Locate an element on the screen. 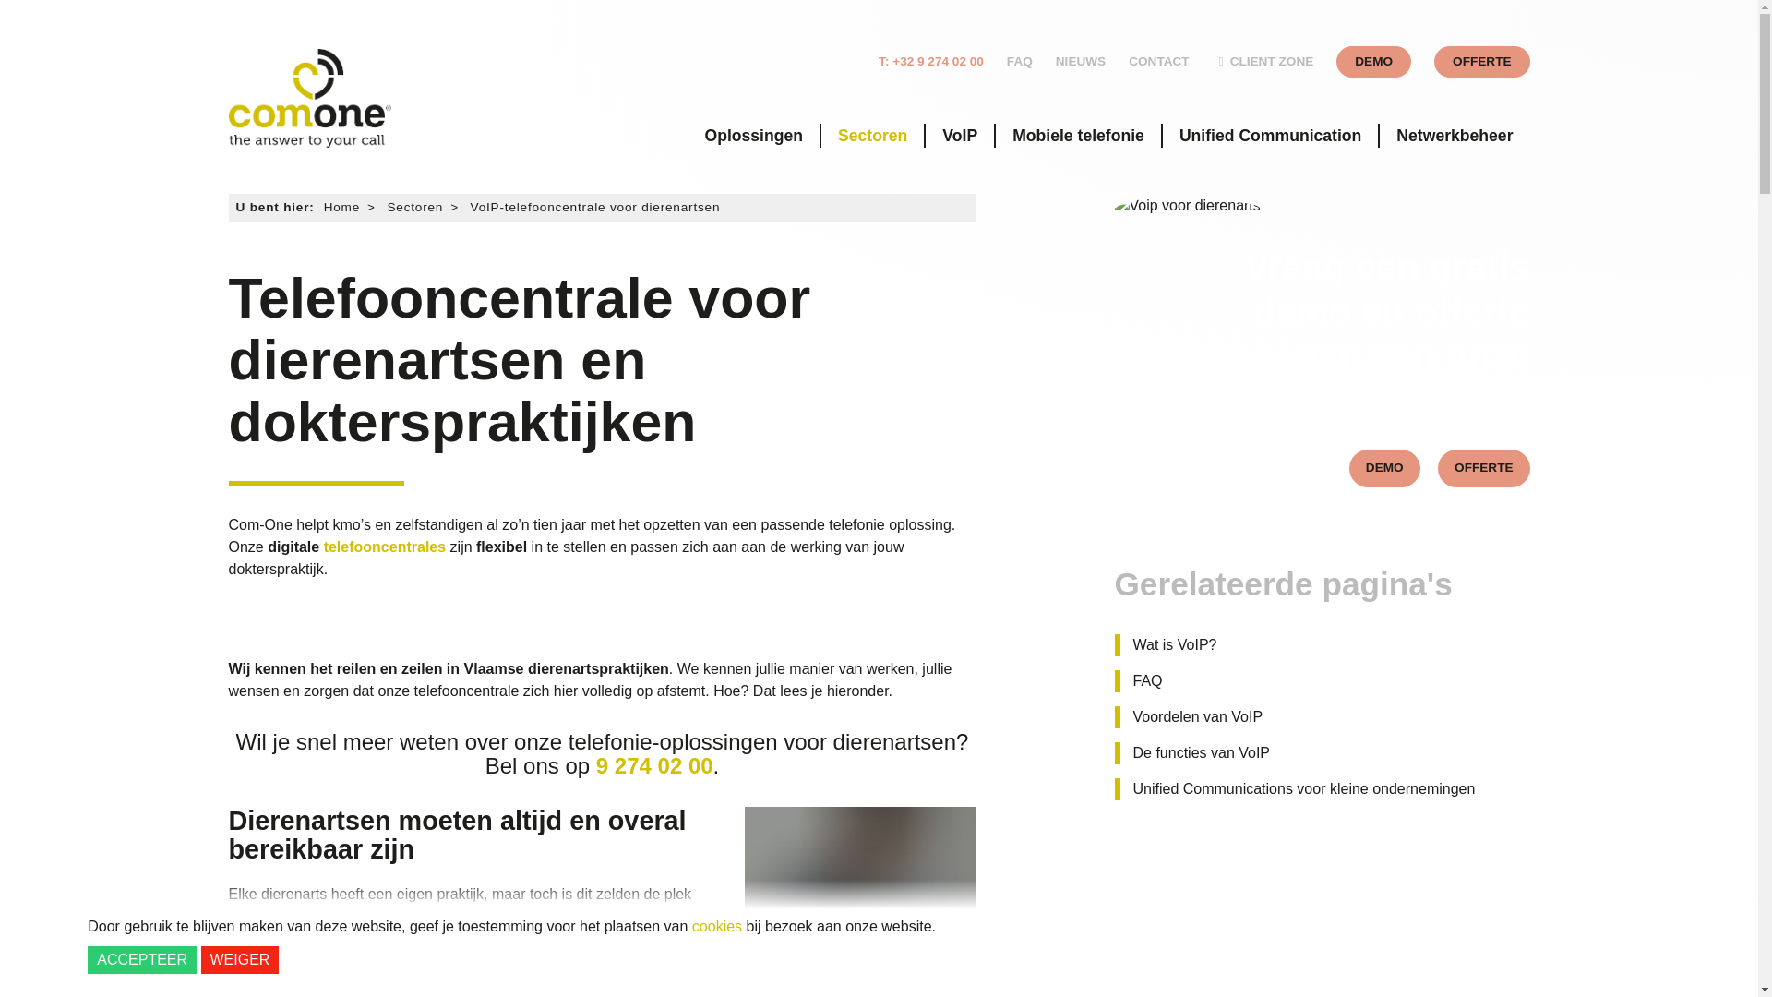  'WEIGER' is located at coordinates (200, 959).